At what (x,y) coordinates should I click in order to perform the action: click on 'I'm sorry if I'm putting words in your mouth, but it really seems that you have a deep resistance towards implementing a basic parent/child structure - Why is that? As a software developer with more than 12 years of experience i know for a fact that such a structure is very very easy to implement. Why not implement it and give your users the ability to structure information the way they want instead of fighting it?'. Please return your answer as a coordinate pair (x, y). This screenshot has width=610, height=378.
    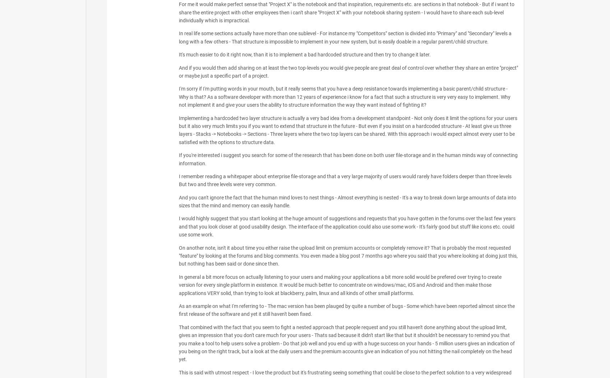
    Looking at the image, I should click on (344, 97).